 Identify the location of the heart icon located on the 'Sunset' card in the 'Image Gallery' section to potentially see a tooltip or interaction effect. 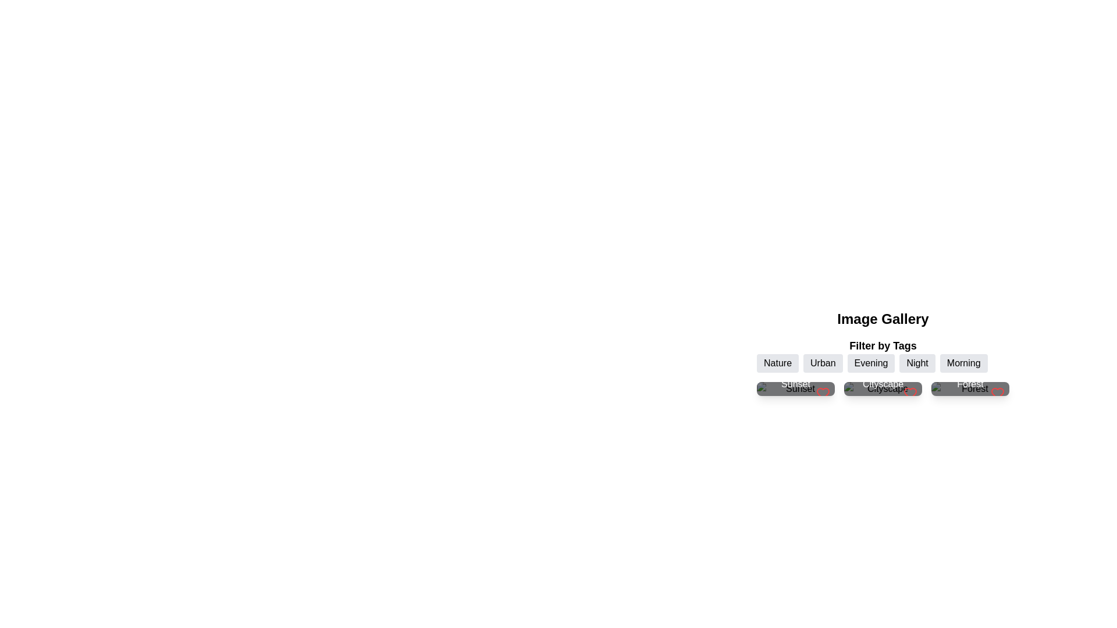
(823, 393).